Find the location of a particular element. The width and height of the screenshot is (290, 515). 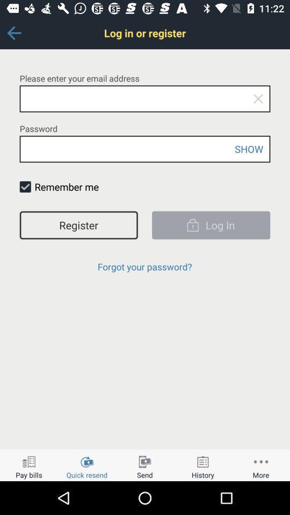

the close icon is located at coordinates (257, 99).